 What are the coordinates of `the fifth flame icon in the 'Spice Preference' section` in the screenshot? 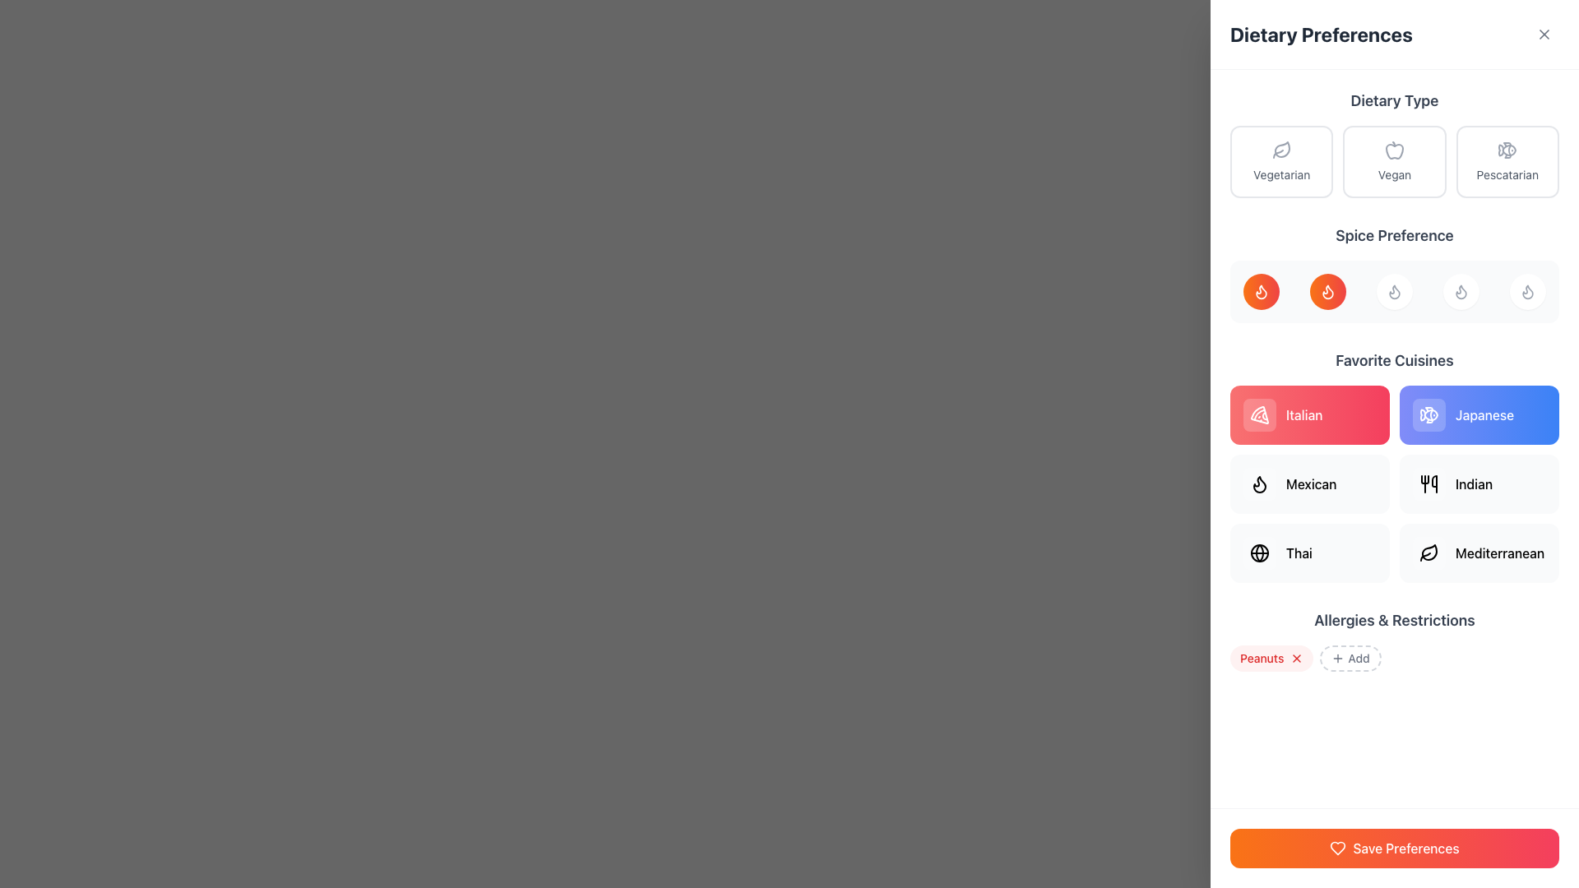 It's located at (1526, 290).